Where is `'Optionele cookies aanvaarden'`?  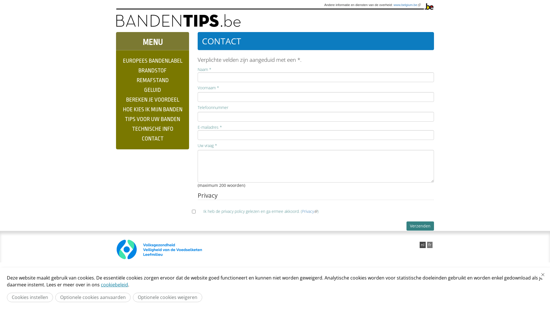 'Optionele cookies aanvaarden' is located at coordinates (93, 297).